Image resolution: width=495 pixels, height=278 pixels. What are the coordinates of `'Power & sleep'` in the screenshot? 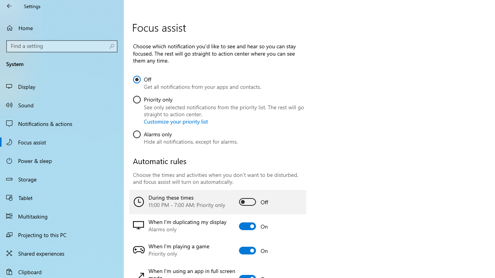 It's located at (62, 160).